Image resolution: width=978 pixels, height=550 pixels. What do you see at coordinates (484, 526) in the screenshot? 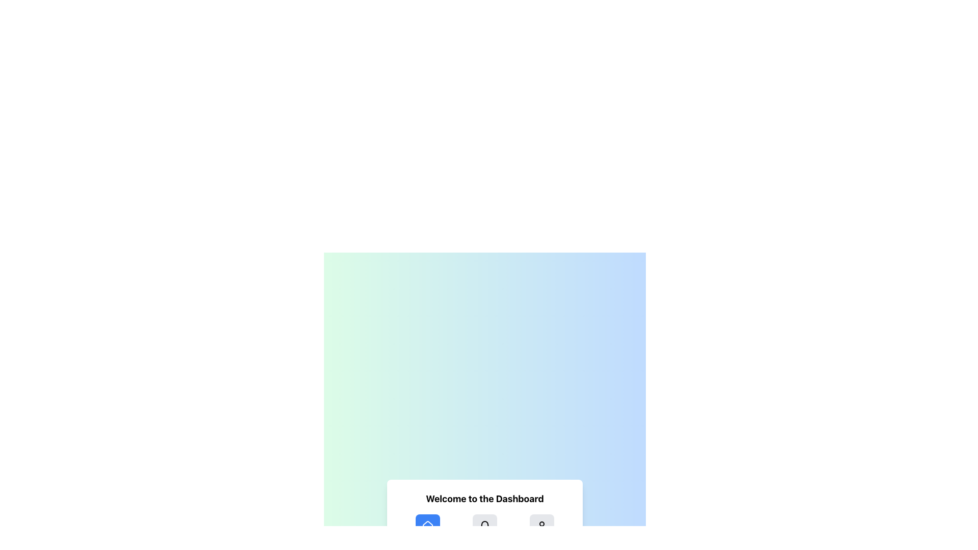
I see `the notifications button, which is the second button from the left in a row of three buttons` at bounding box center [484, 526].